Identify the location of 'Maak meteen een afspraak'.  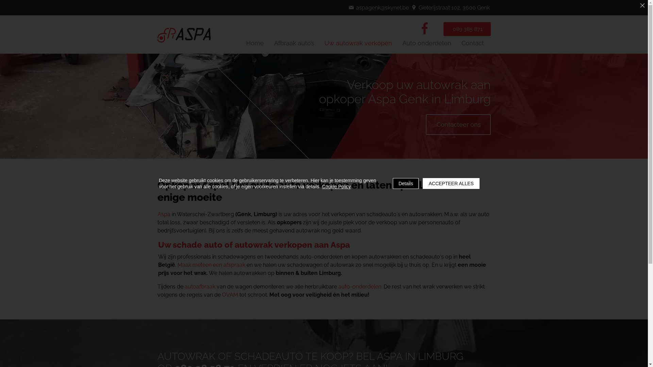
(211, 264).